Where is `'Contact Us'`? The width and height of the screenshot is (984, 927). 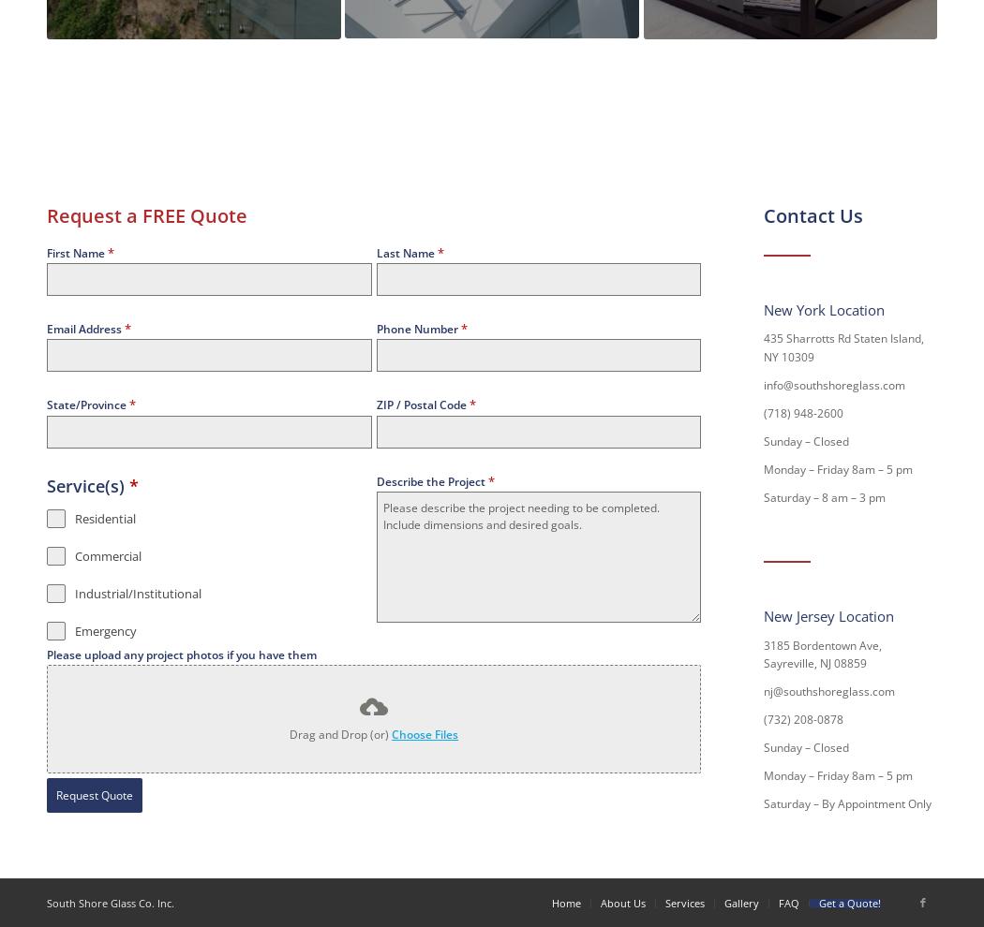
'Contact Us' is located at coordinates (813, 213).